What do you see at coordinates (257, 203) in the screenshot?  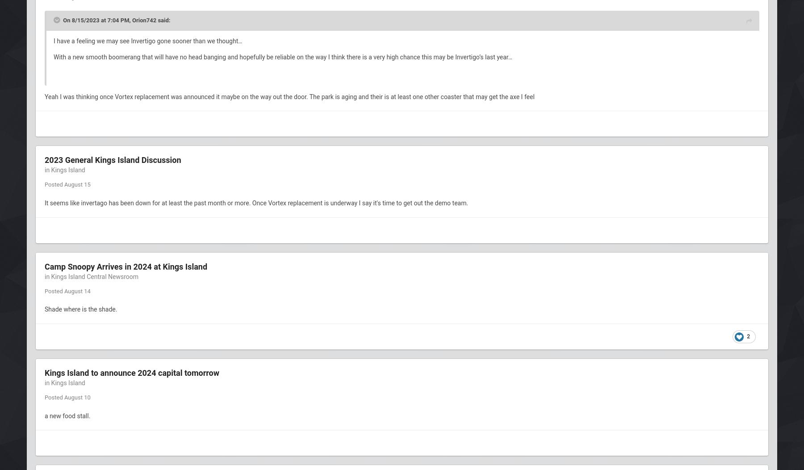 I see `'It seems like invertago has been down for at least the past month or more. Once Vortex replacement is underway I say it's time to get out the demo team.'` at bounding box center [257, 203].